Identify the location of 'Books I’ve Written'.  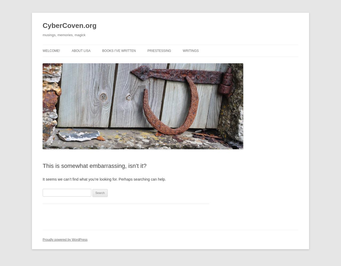
(118, 51).